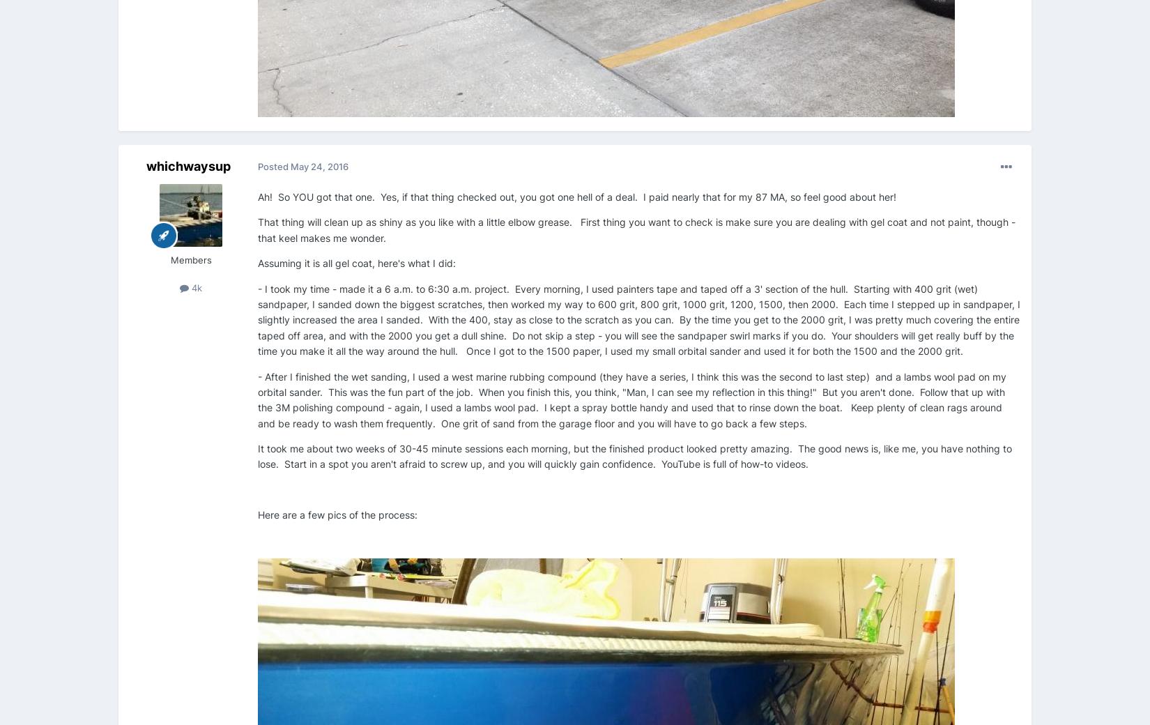 Image resolution: width=1150 pixels, height=725 pixels. What do you see at coordinates (636, 229) in the screenshot?
I see `'That thing will clean up as shiny as you like with a little elbow grease.   First thing you want to check is make sure you are dealing with gel coat and not paint, though - that keel makes me wonder.'` at bounding box center [636, 229].